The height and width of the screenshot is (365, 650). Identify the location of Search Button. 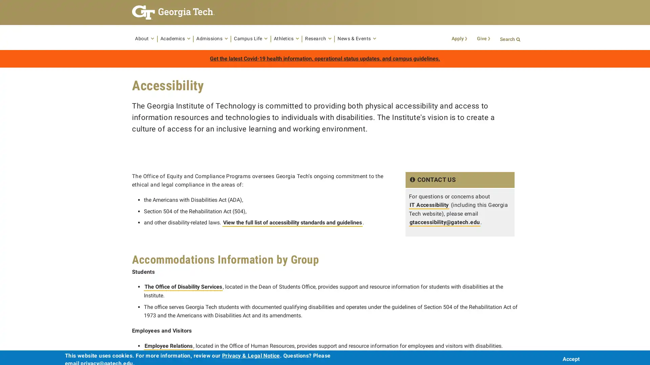
(489, 56).